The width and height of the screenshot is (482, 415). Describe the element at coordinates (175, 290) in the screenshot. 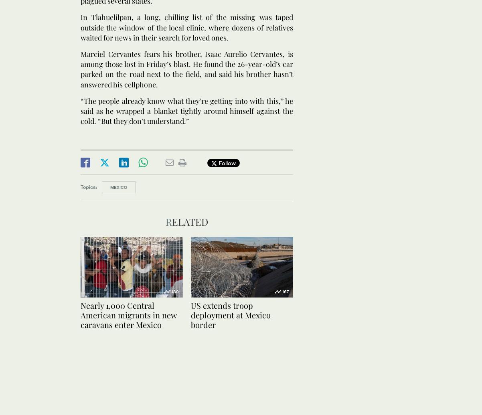

I see `'130'` at that location.